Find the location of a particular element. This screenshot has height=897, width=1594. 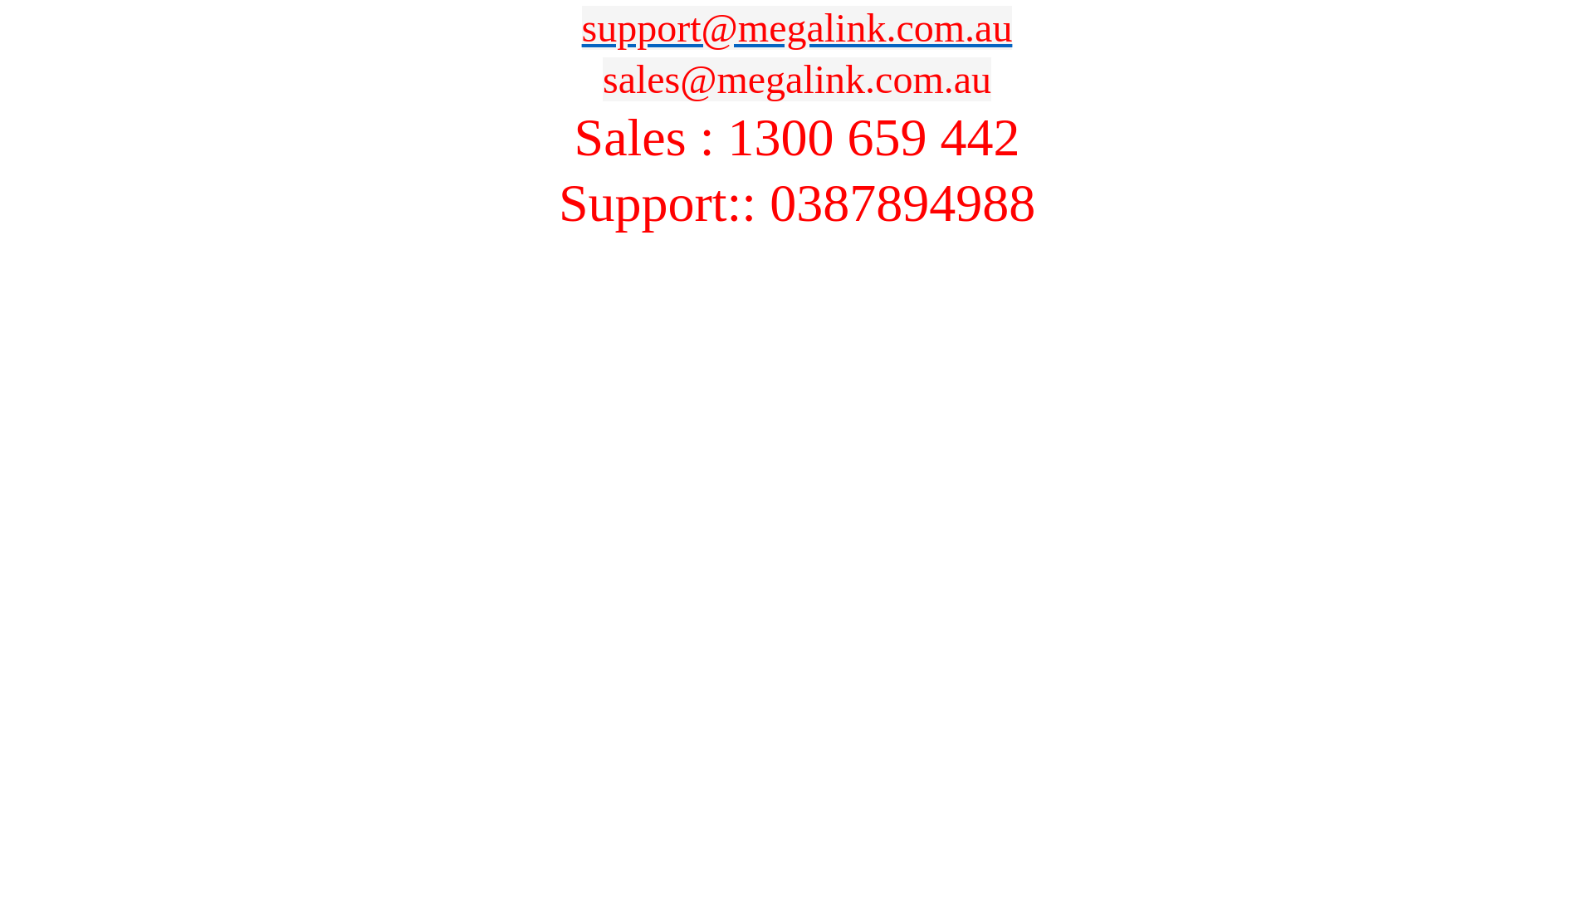

'support@megalink.com.au' is located at coordinates (797, 27).